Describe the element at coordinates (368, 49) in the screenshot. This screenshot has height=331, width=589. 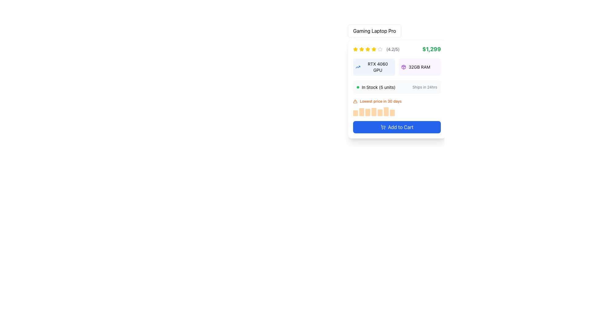
I see `the fifth yellow star icon in the rating component located near the top of the product listing card` at that location.